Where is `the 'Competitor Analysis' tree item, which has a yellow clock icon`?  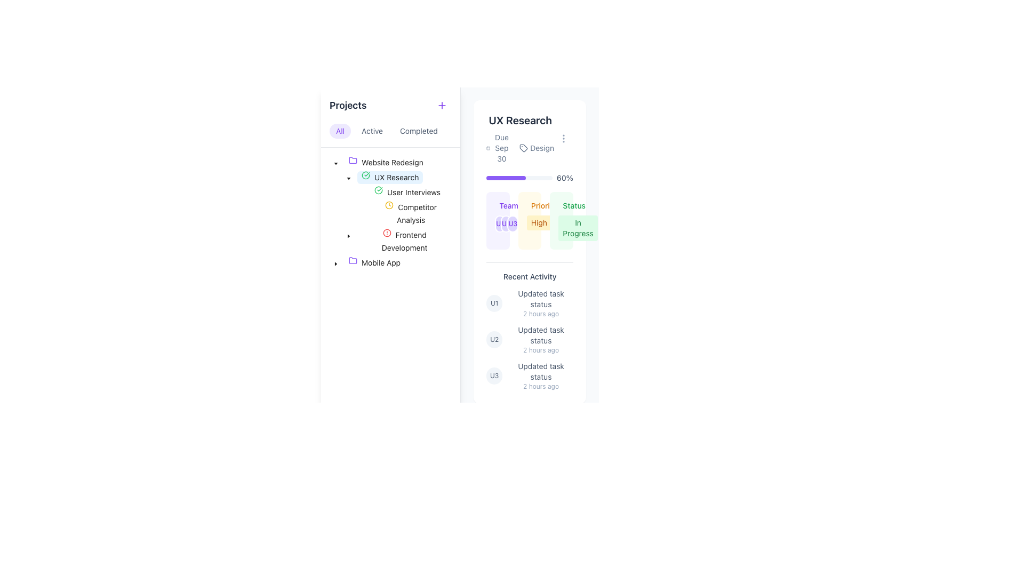 the 'Competitor Analysis' tree item, which has a yellow clock icon is located at coordinates (390, 214).